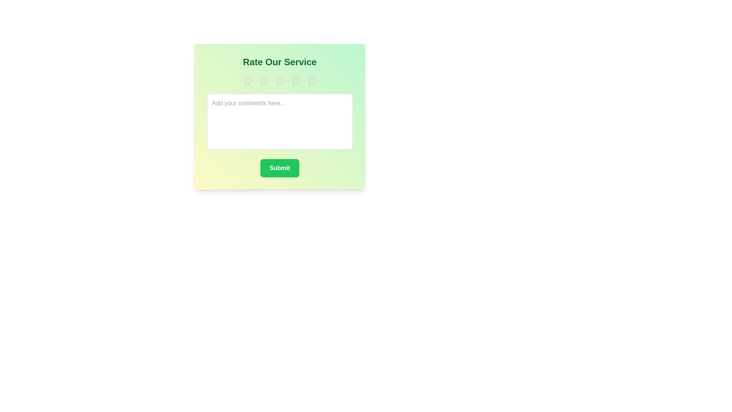 The width and height of the screenshot is (732, 412). Describe the element at coordinates (295, 81) in the screenshot. I see `the star representing the rating 4` at that location.